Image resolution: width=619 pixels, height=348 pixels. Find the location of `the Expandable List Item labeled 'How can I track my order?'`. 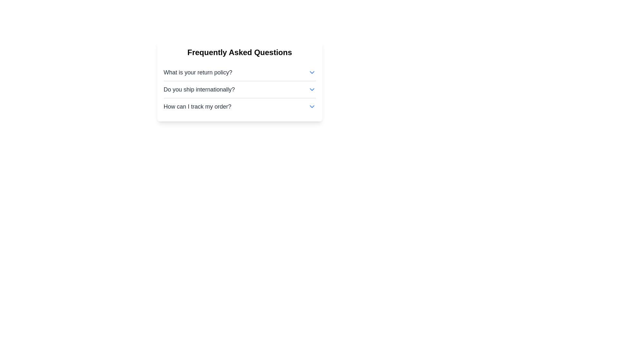

the Expandable List Item labeled 'How can I track my order?' is located at coordinates (239, 106).